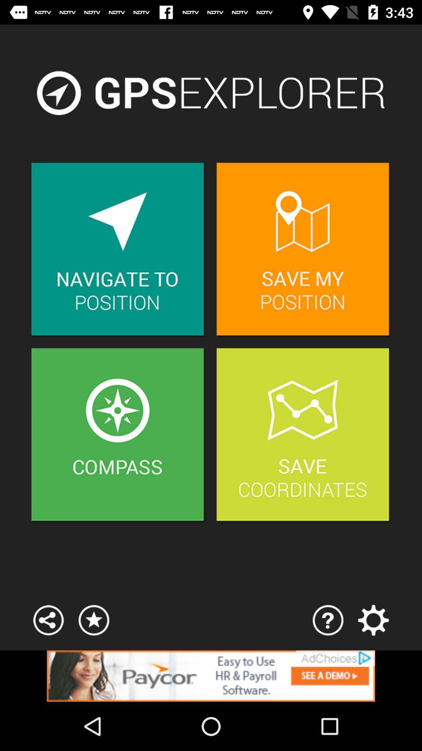  I want to click on open menu options, so click(48, 620).